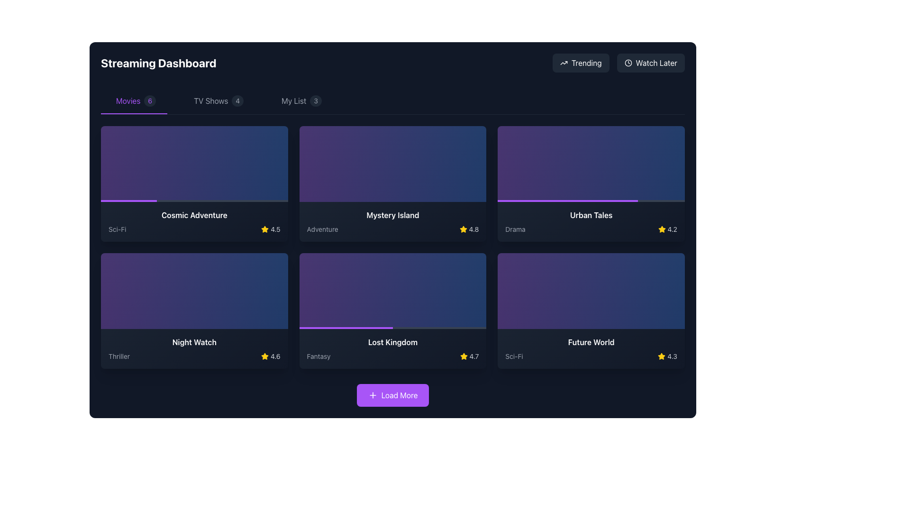 The image size is (910, 512). Describe the element at coordinates (316, 101) in the screenshot. I see `the displayed number on the badge next to the 'My List' text, which serves as a numerical indicator for items associated with that section` at that location.